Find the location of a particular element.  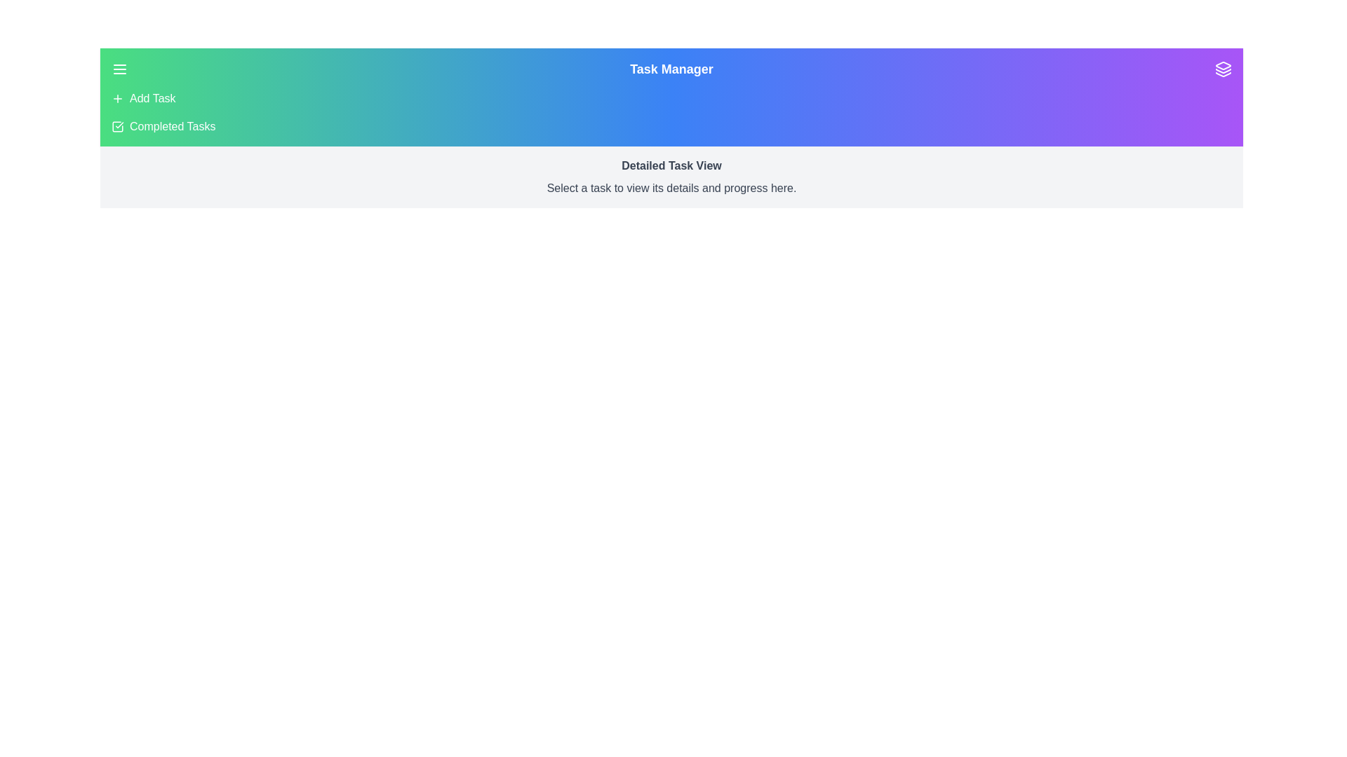

the 'Add Task' menu item to trigger the corresponding action is located at coordinates (118, 98).